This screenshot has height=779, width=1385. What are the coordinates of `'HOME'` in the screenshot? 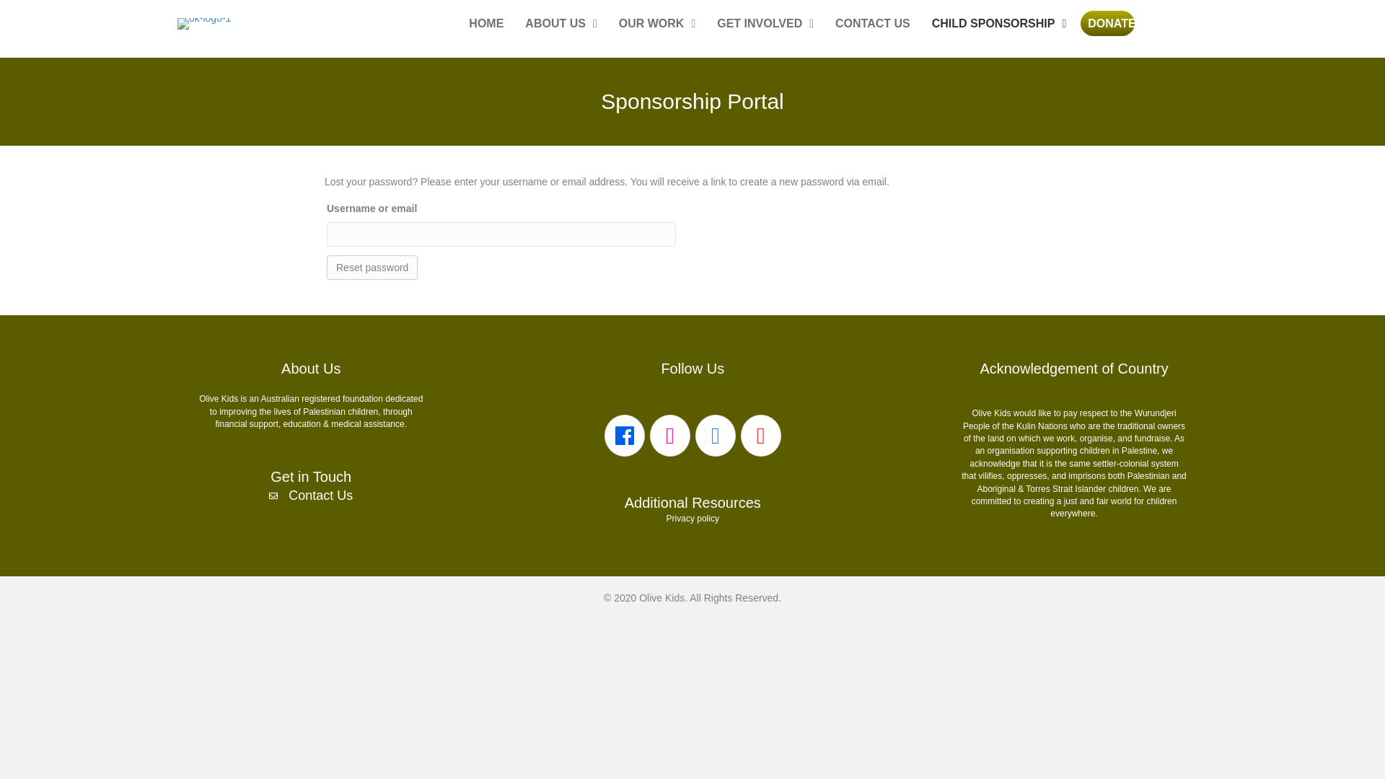 It's located at (460, 24).